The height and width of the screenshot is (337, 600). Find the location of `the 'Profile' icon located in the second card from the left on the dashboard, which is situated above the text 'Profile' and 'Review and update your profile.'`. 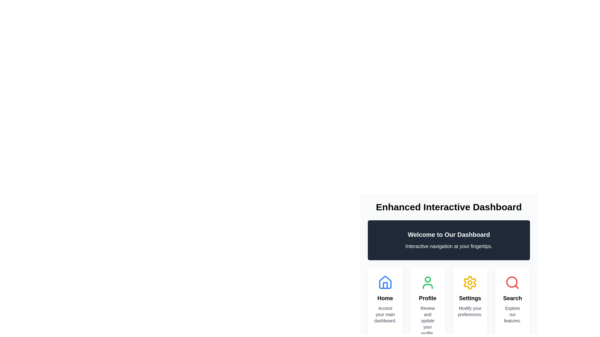

the 'Profile' icon located in the second card from the left on the dashboard, which is situated above the text 'Profile' and 'Review and update your profile.' is located at coordinates (427, 283).